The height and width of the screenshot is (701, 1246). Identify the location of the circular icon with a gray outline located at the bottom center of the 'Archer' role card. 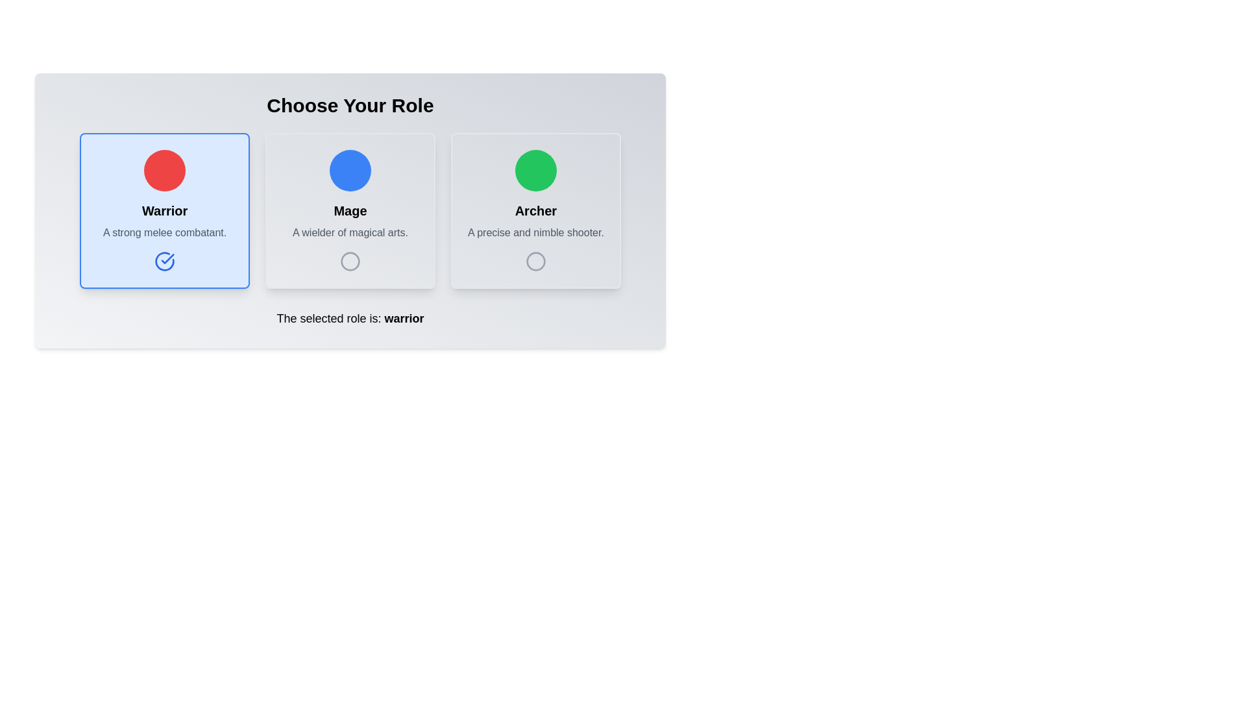
(535, 261).